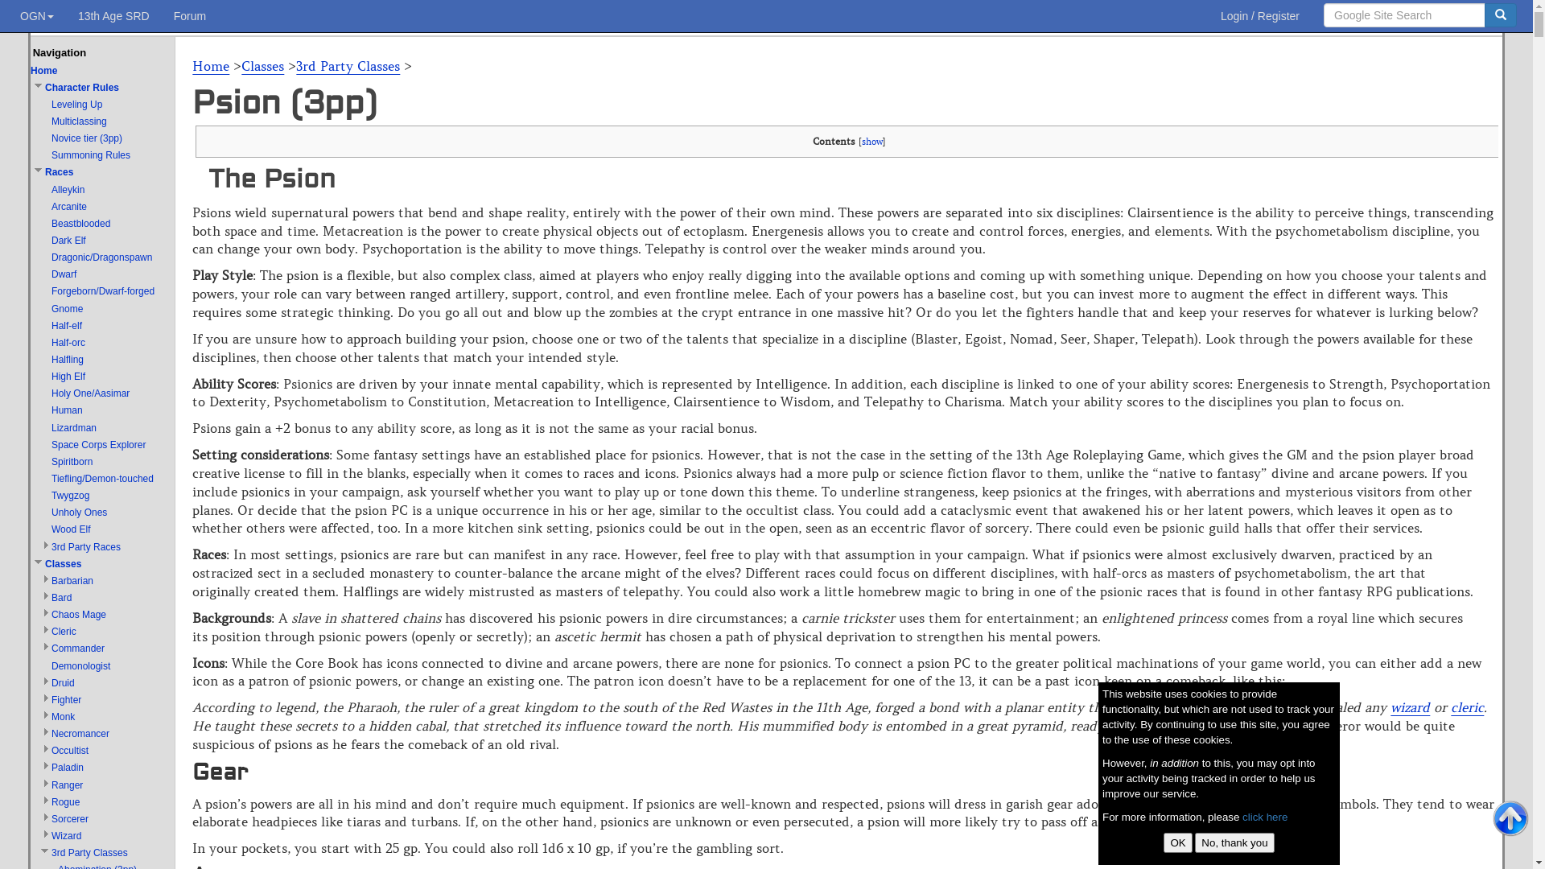  Describe the element at coordinates (80, 733) in the screenshot. I see `'Necromancer'` at that location.